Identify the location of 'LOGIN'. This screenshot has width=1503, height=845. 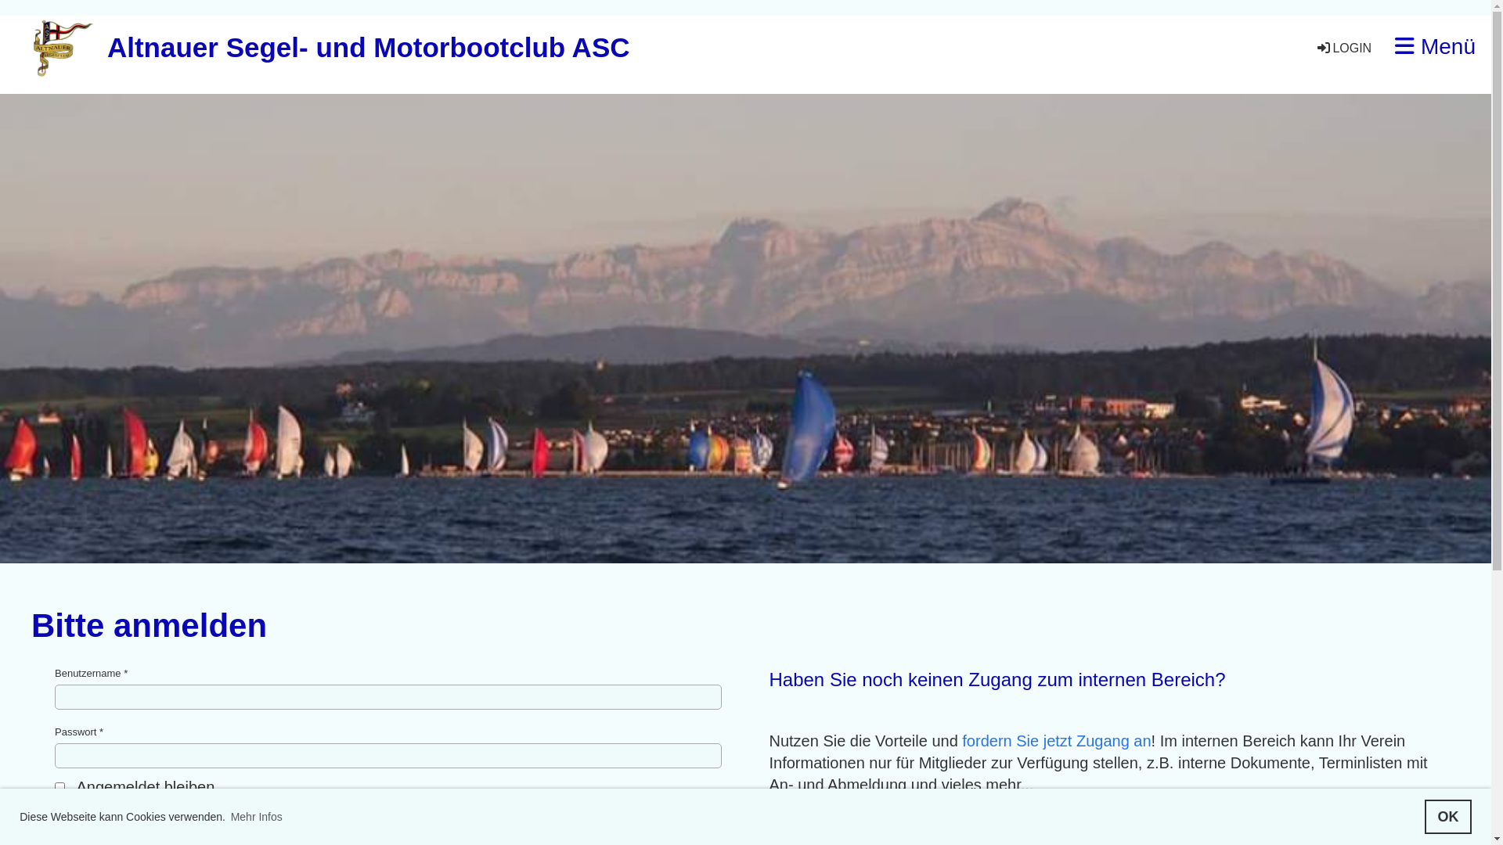
(1315, 47).